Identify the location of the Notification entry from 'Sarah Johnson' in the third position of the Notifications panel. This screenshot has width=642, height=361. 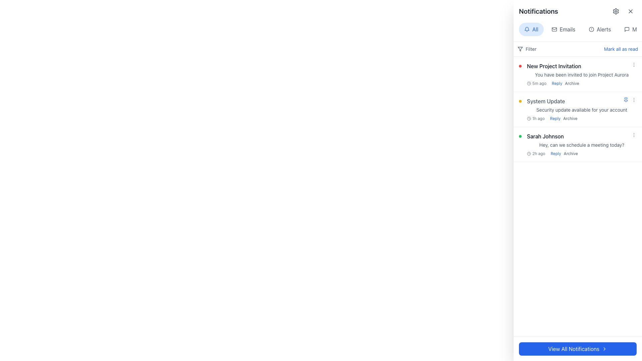
(581, 144).